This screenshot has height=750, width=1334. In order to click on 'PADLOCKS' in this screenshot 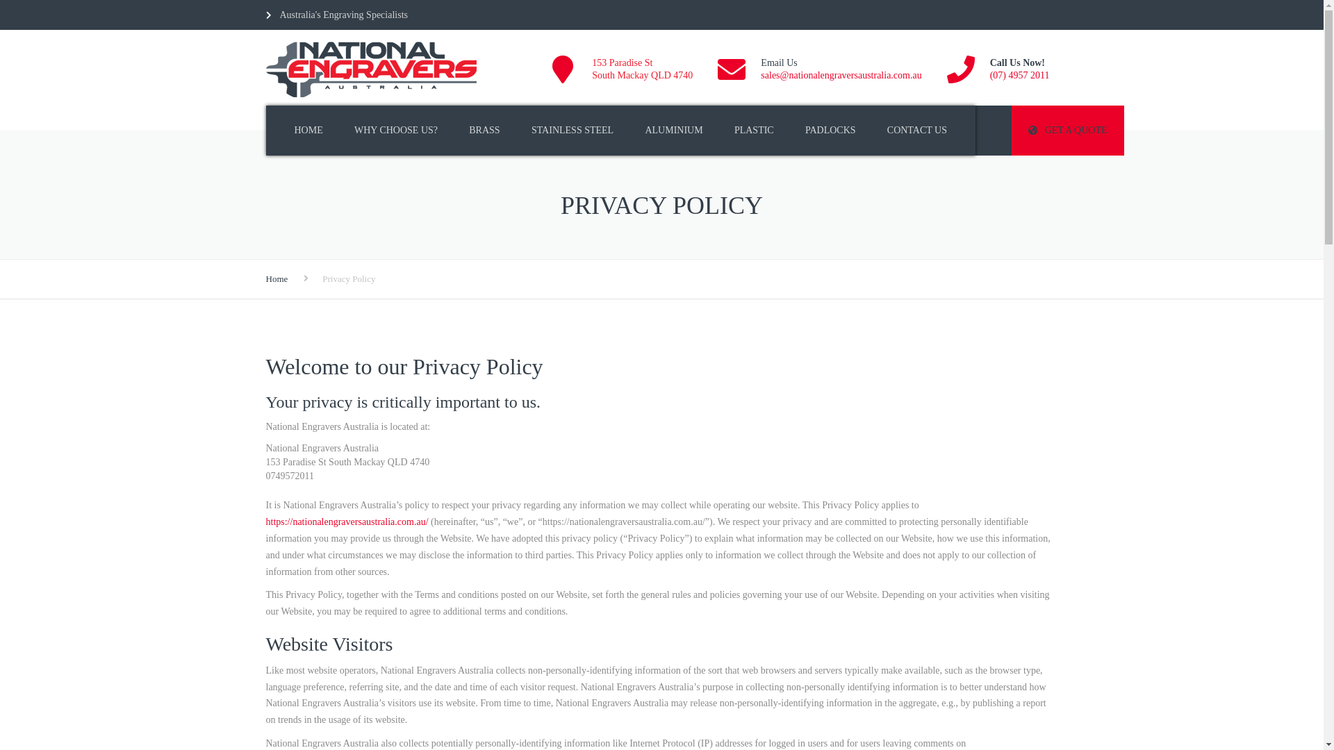, I will do `click(830, 131)`.